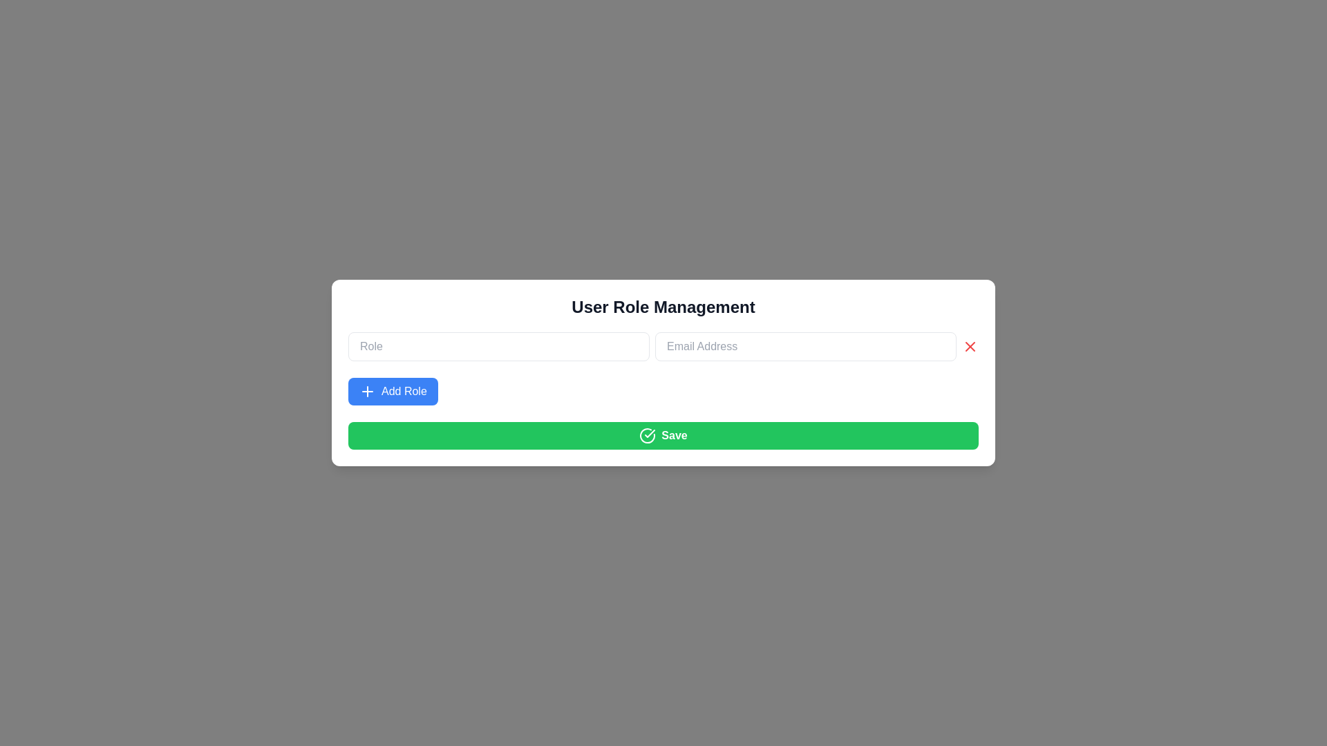 This screenshot has height=746, width=1327. I want to click on the plus icon on the 'Add Role' button, which is white on a blue background and located to the left of the text label, so click(368, 392).